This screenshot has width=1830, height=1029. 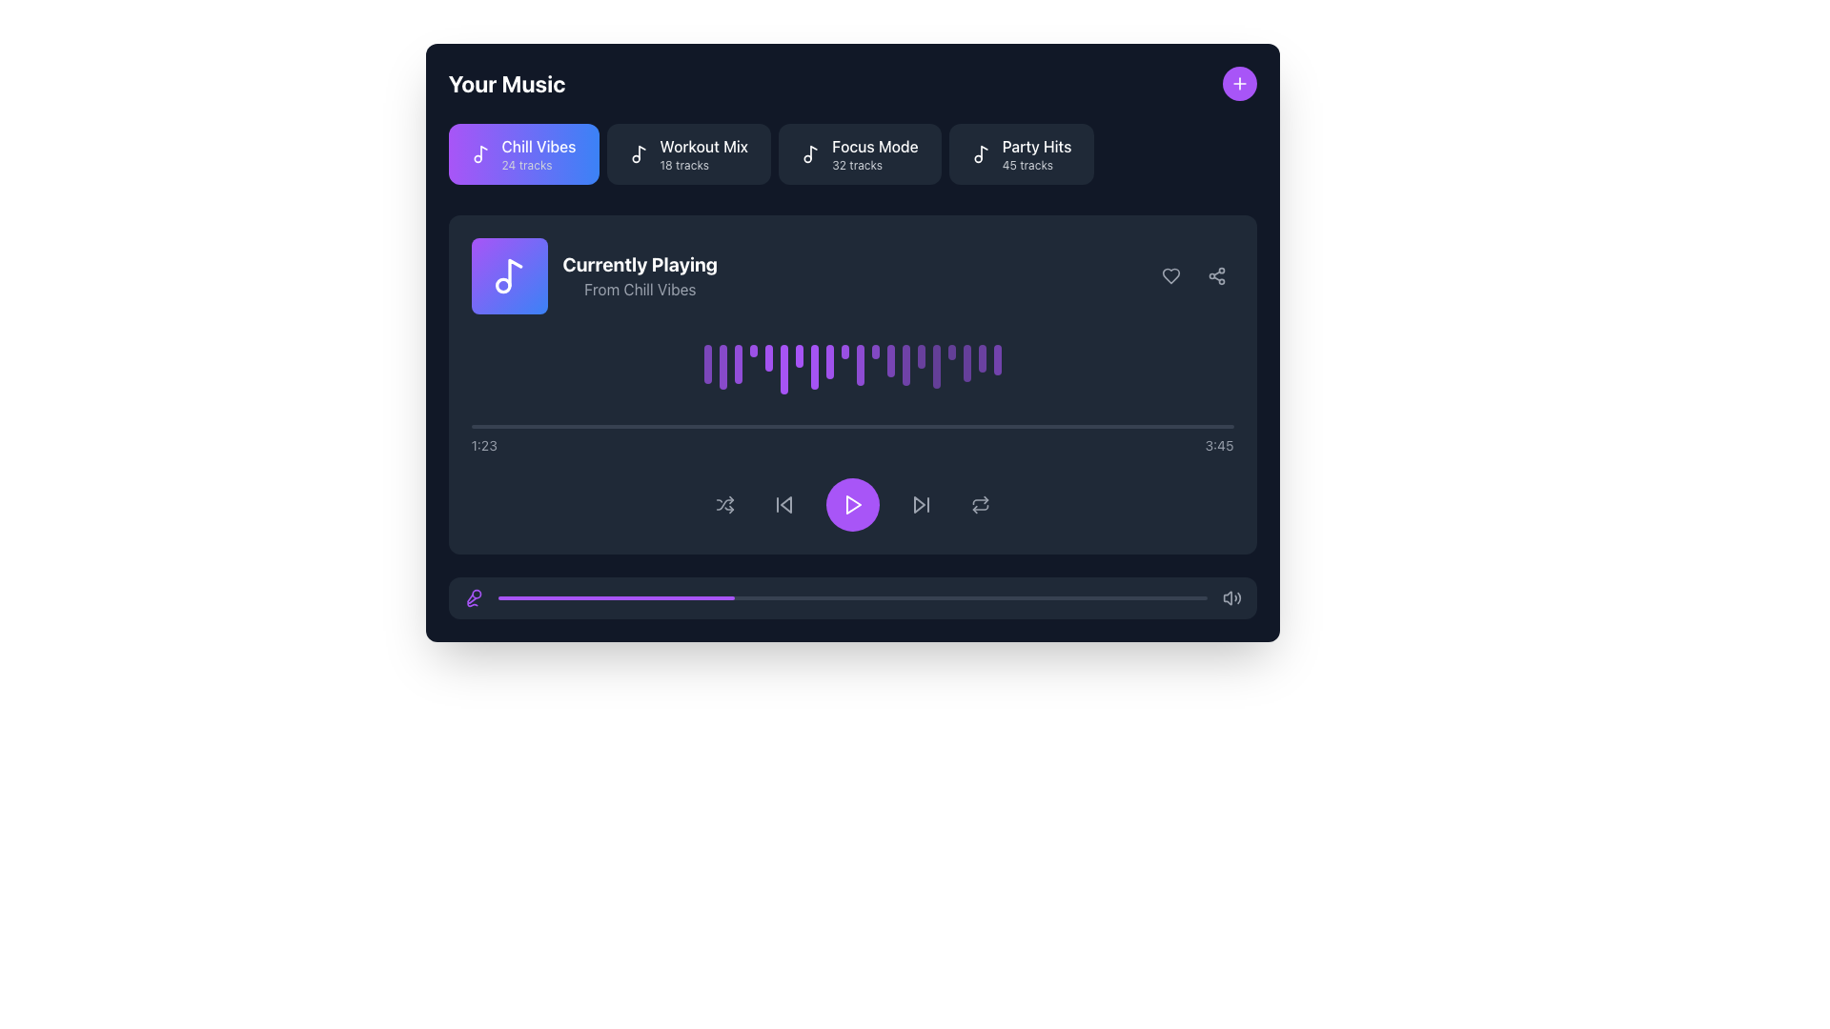 What do you see at coordinates (723, 504) in the screenshot?
I see `the shuffle icon, which is the first icon from the left among the playback control icons in the control bar` at bounding box center [723, 504].